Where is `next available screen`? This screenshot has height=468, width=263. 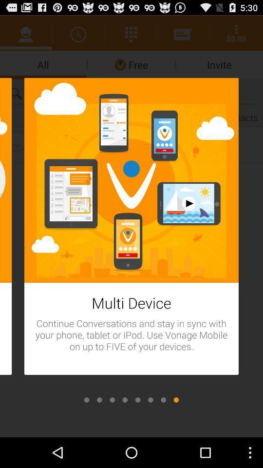 next available screen is located at coordinates (175, 400).